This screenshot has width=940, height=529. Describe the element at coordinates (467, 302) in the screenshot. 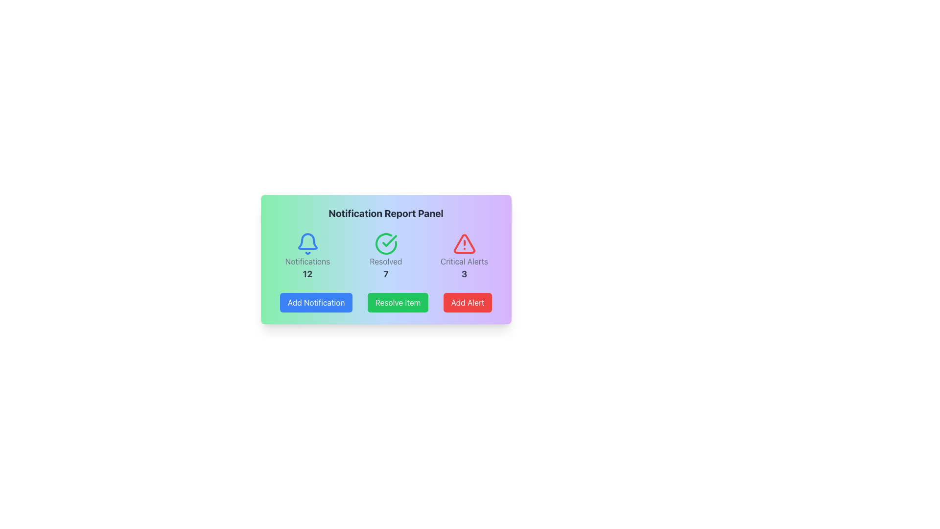

I see `the interactive button that allows users to add an alert, positioned as the third button from the left in a horizontal arrangement at the bottom of the notification report panel` at that location.